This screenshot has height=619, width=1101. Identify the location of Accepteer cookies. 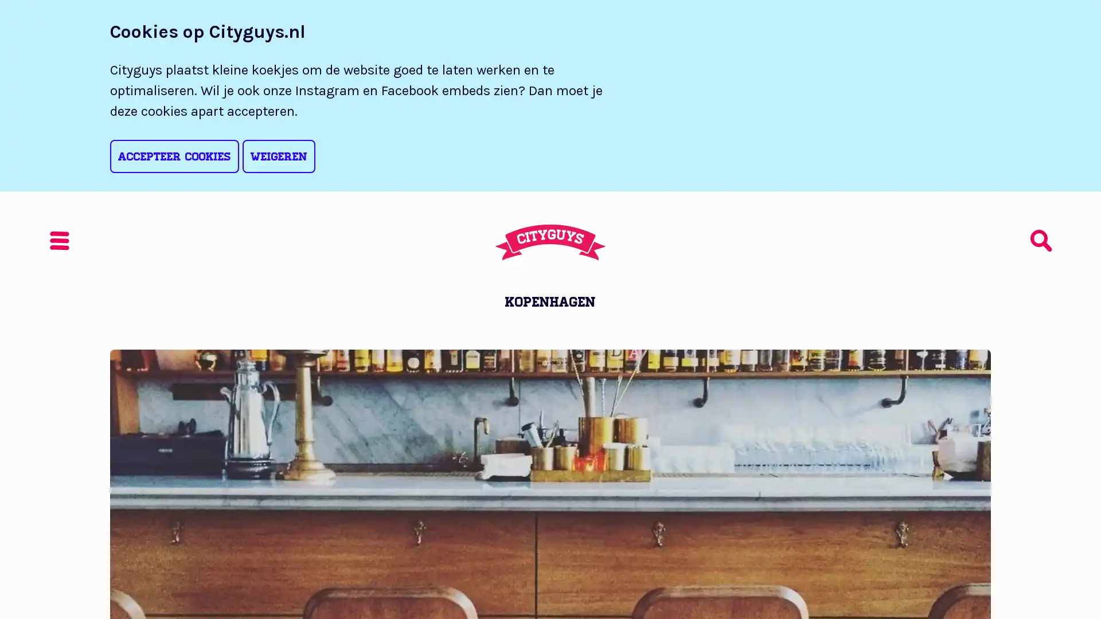
(174, 156).